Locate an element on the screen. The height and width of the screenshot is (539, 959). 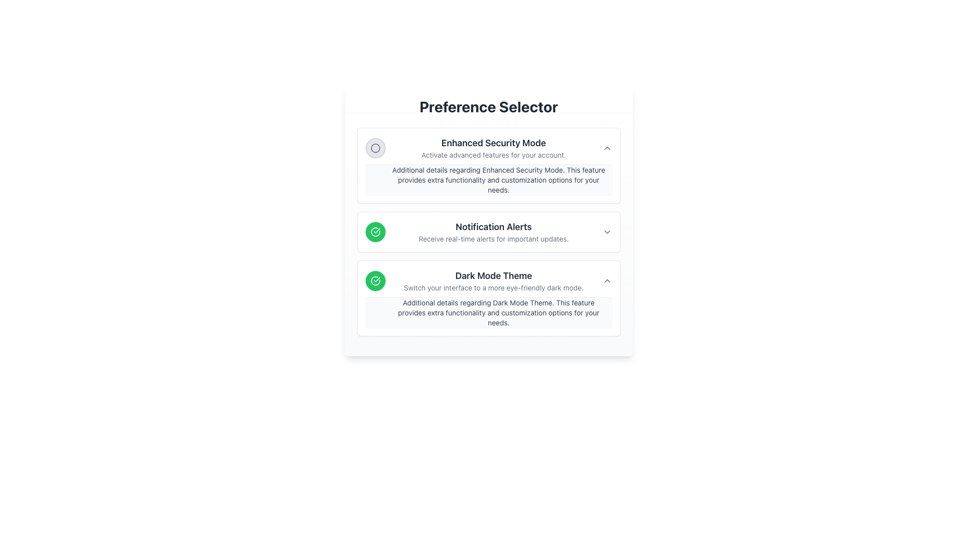
the Informational text block that introduces the 'Notification Alerts' feature is located at coordinates (493, 232).